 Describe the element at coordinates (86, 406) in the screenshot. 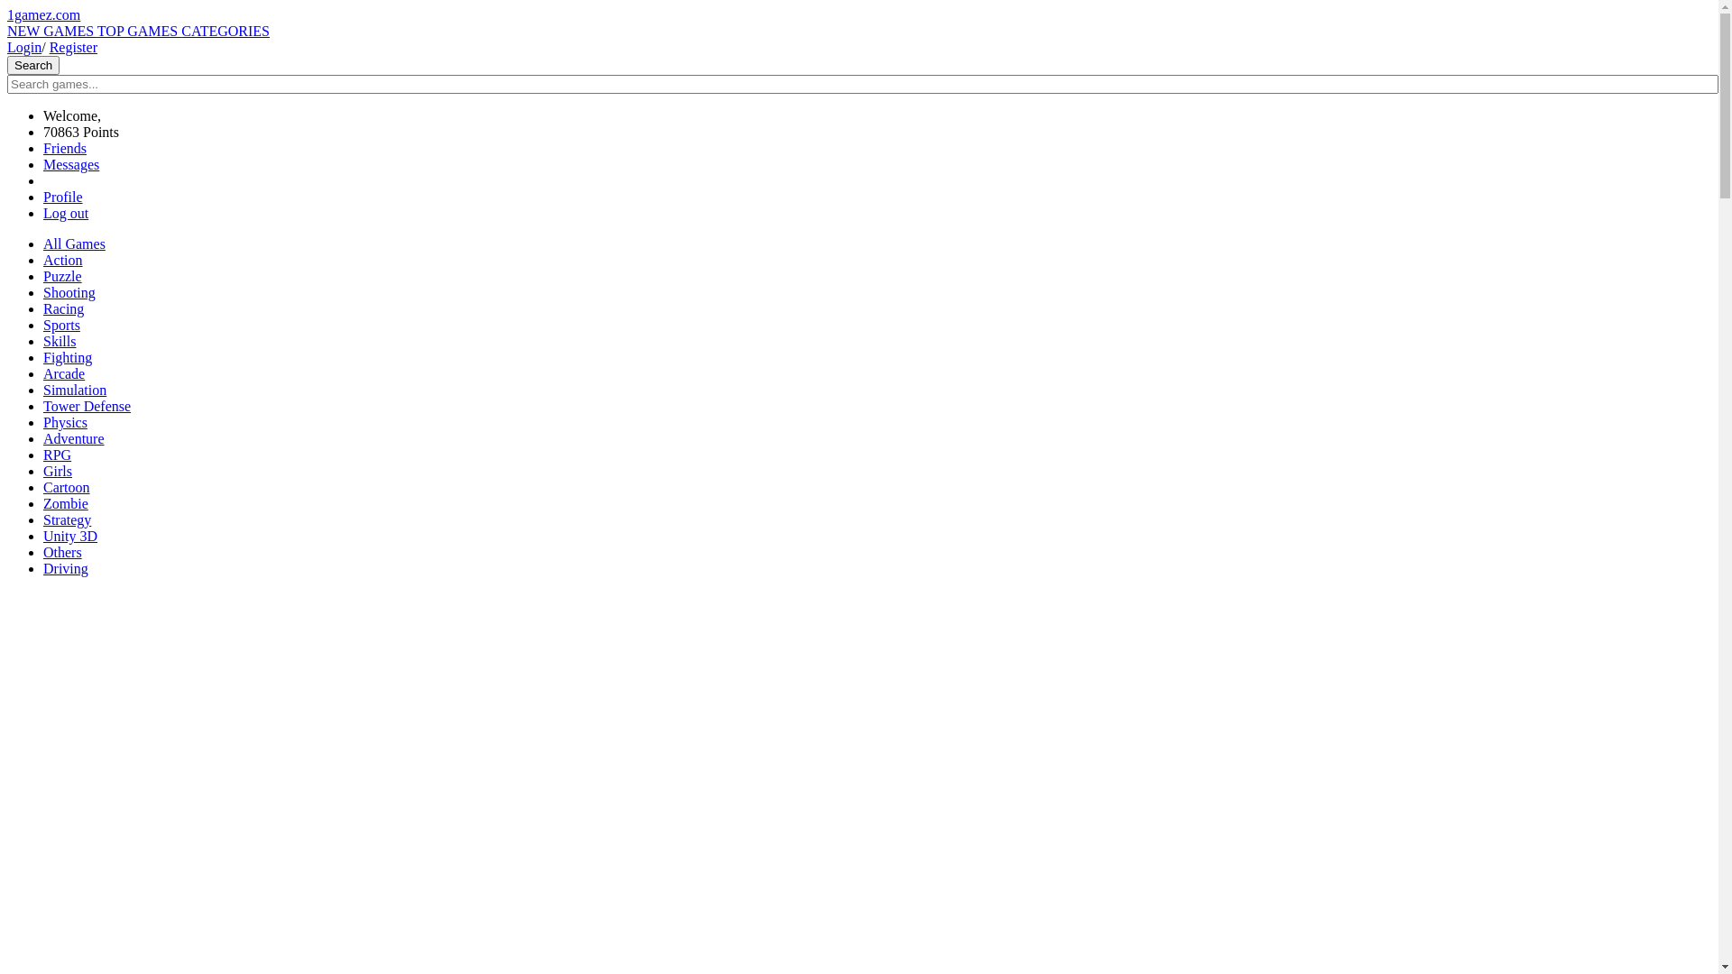

I see `'Tower Defense'` at that location.